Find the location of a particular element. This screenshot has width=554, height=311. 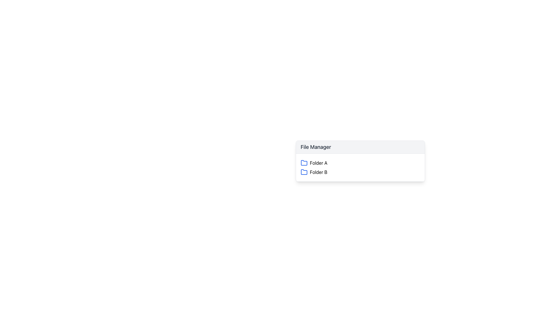

the Text Label for the second folder entry is located at coordinates (318, 172).